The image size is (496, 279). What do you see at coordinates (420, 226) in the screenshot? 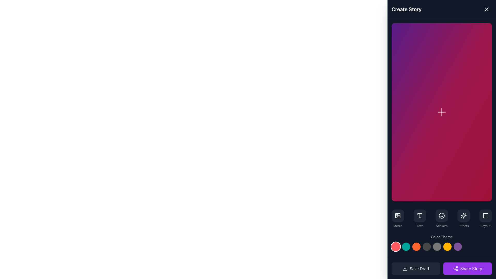
I see `the small light gray text label that says 'Text', located at the bottom of a vertically stacked group of elements` at bounding box center [420, 226].